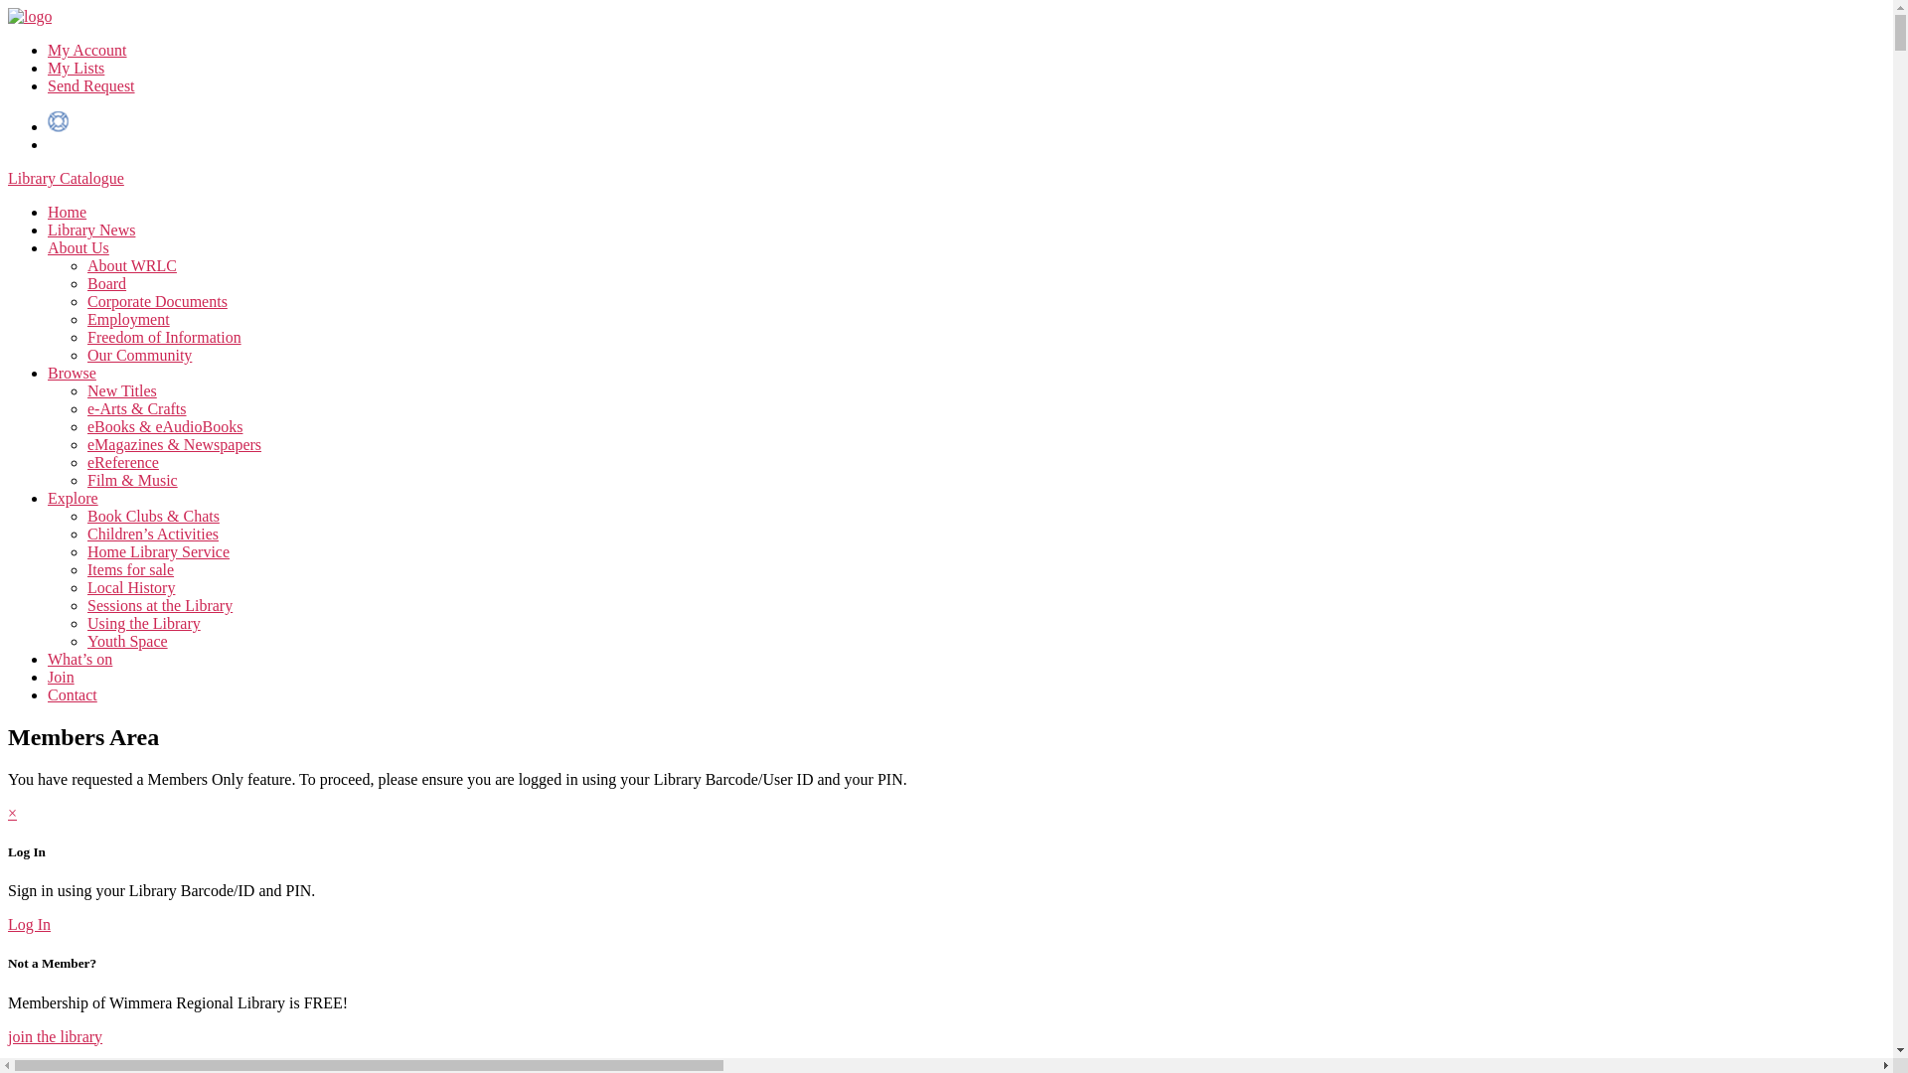  Describe the element at coordinates (78, 246) in the screenshot. I see `'About Us'` at that location.